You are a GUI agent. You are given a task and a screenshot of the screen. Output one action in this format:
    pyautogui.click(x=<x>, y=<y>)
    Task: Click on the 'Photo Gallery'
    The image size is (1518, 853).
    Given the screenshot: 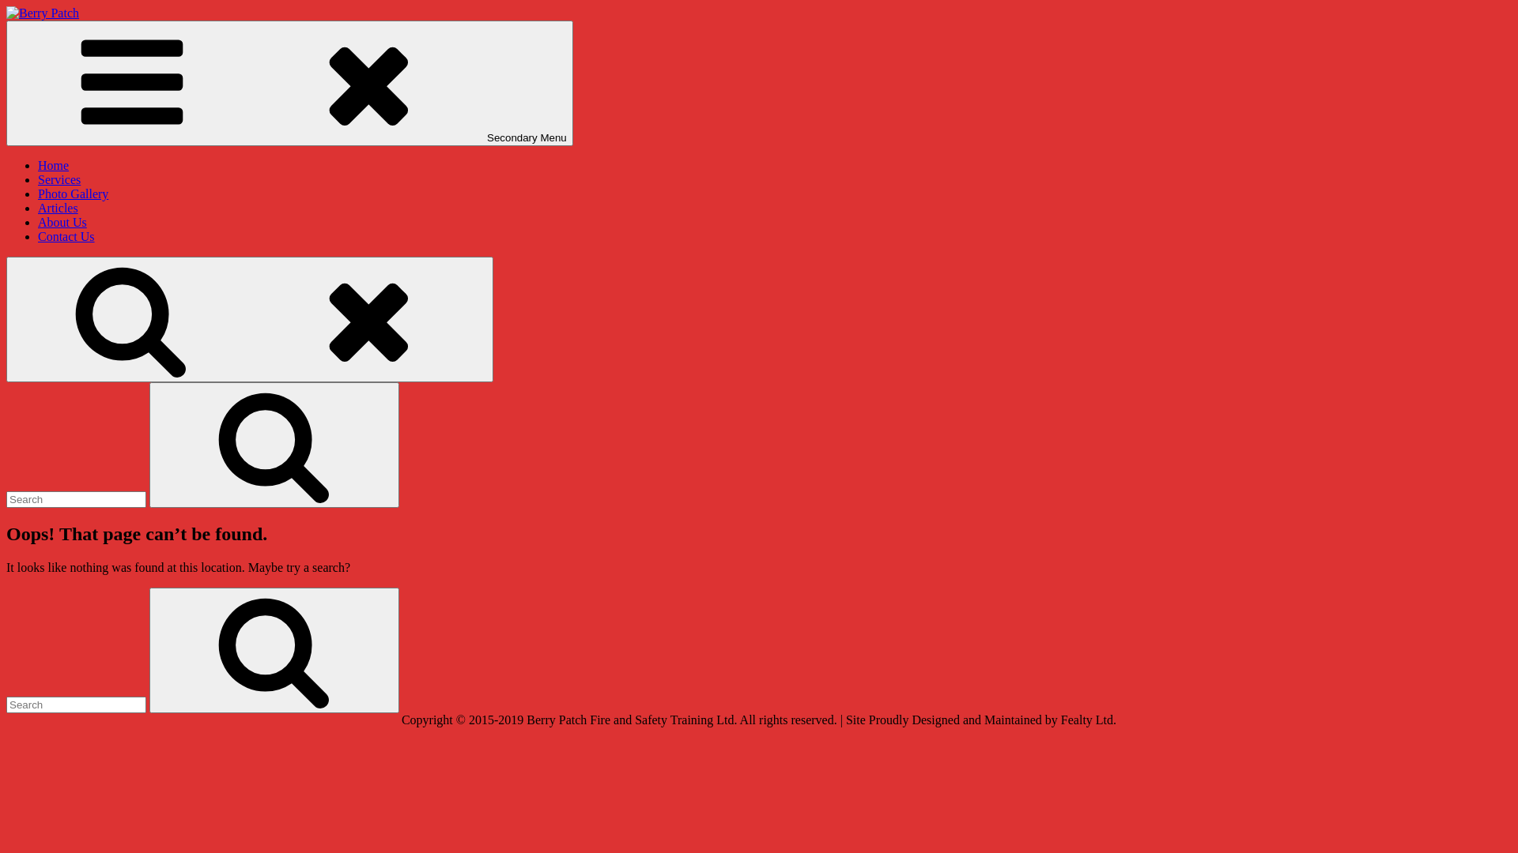 What is the action you would take?
    pyautogui.click(x=38, y=193)
    